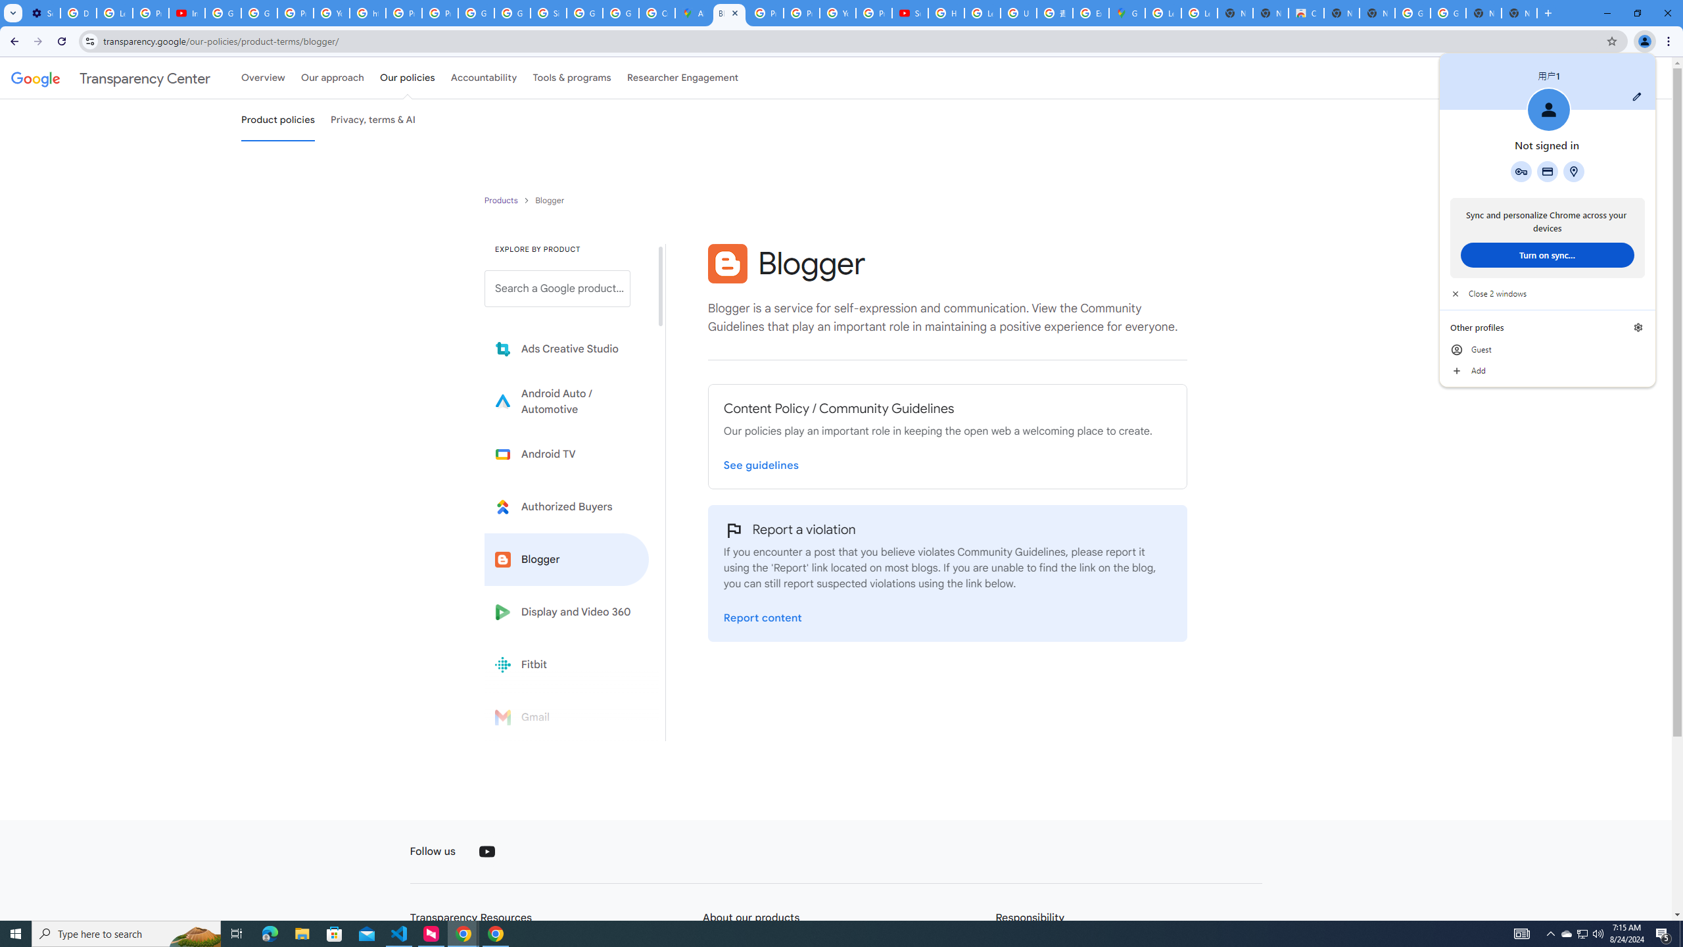 This screenshot has width=1683, height=947. I want to click on 'Researcher Engagement', so click(683, 78).